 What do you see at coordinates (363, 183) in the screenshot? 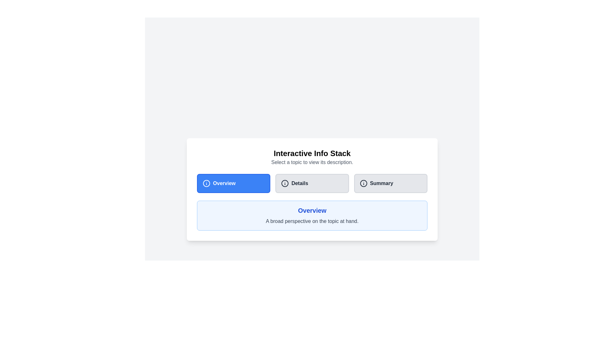
I see `the circular icon with a thin border located inside the 'Summary' tab, which is positioned next to the label 'Summary'` at bounding box center [363, 183].